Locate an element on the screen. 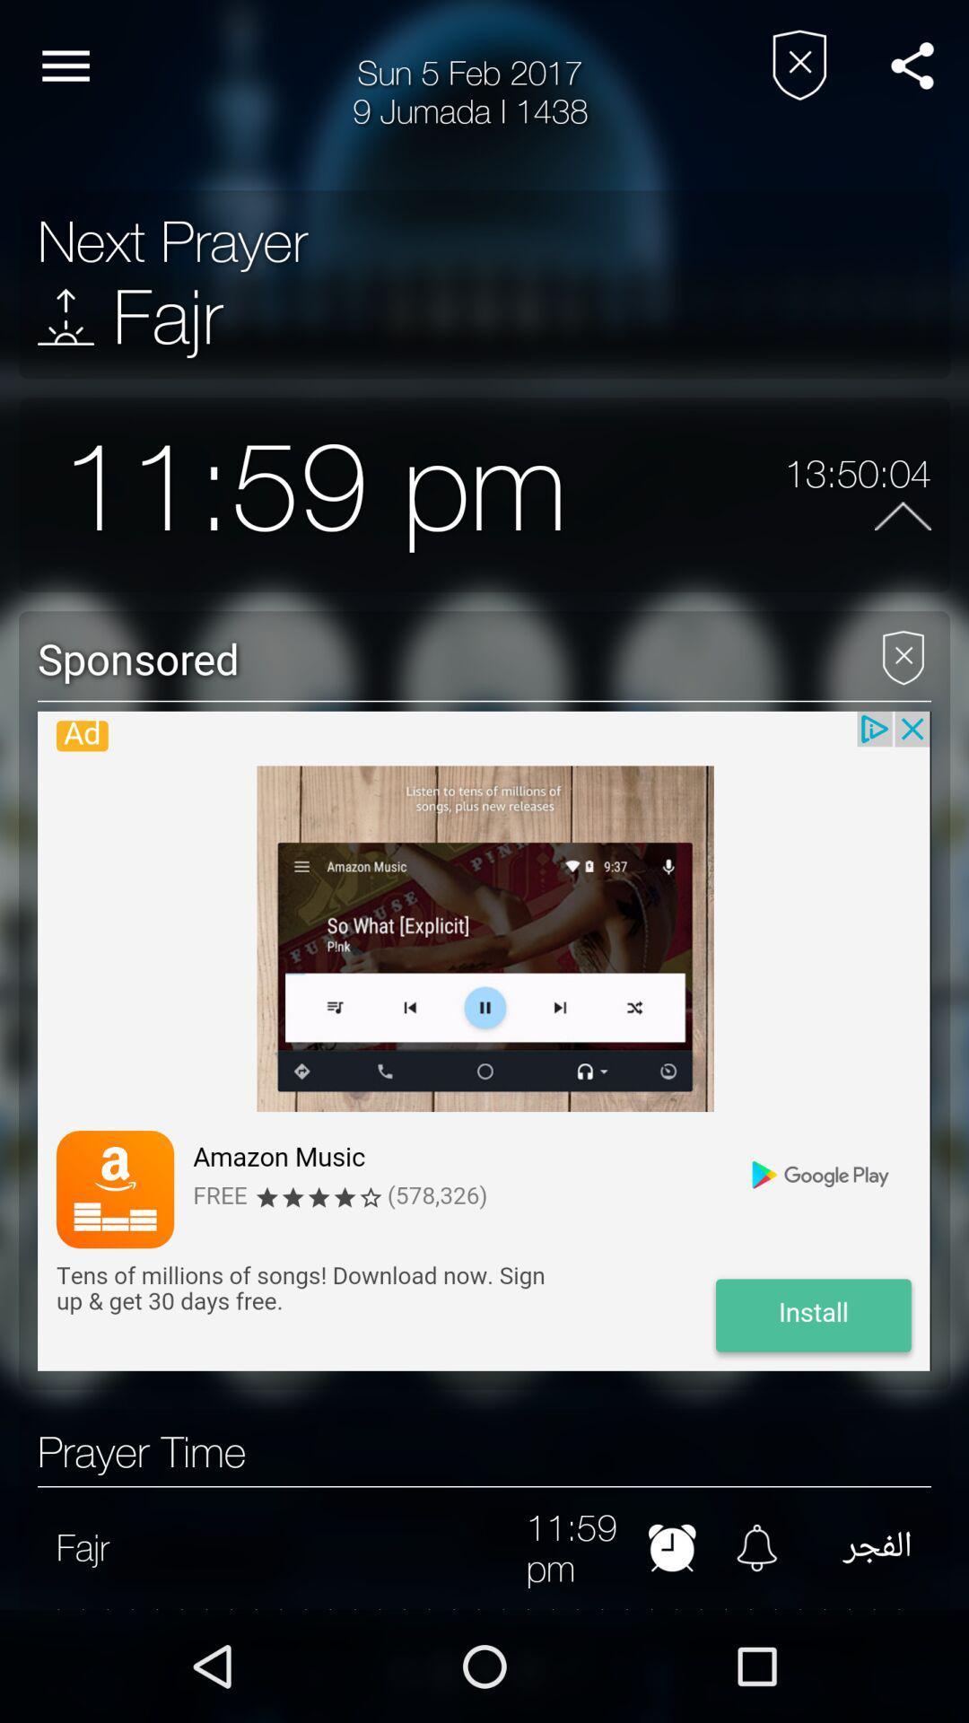 This screenshot has width=969, height=1723. icon above prayer time item is located at coordinates (483, 1041).